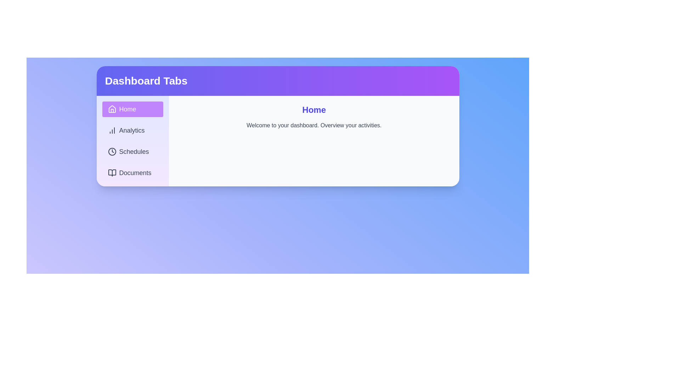 This screenshot has height=382, width=680. I want to click on the gradient background to open a customization menu, so click(277, 248).